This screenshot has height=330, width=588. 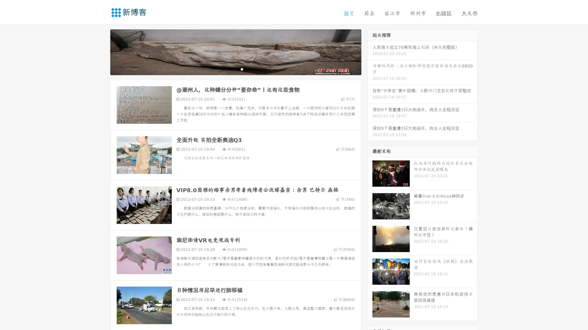 What do you see at coordinates (370, 51) in the screenshot?
I see `Next slide` at bounding box center [370, 51].